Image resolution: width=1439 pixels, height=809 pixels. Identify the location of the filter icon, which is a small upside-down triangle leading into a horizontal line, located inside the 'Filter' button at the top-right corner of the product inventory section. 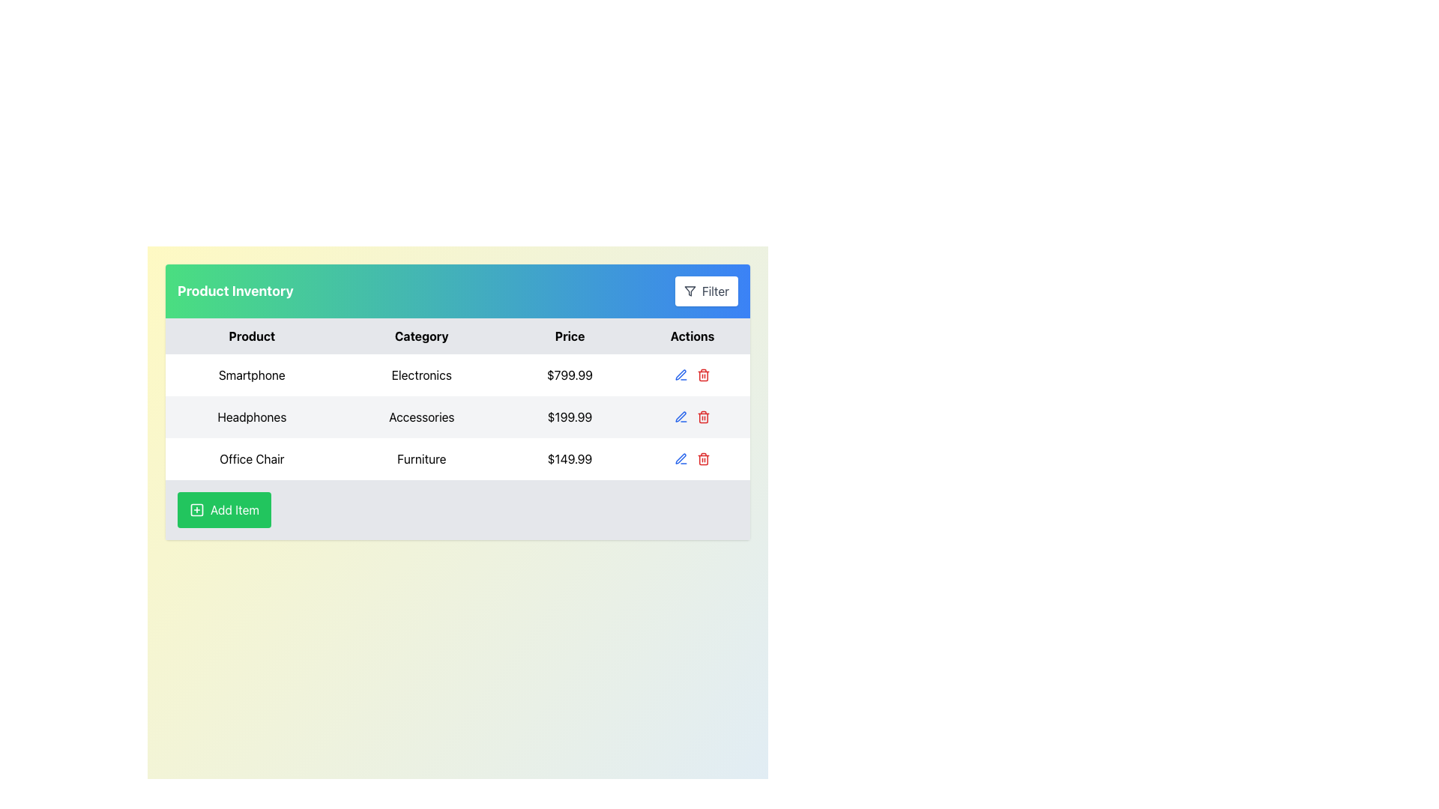
(689, 291).